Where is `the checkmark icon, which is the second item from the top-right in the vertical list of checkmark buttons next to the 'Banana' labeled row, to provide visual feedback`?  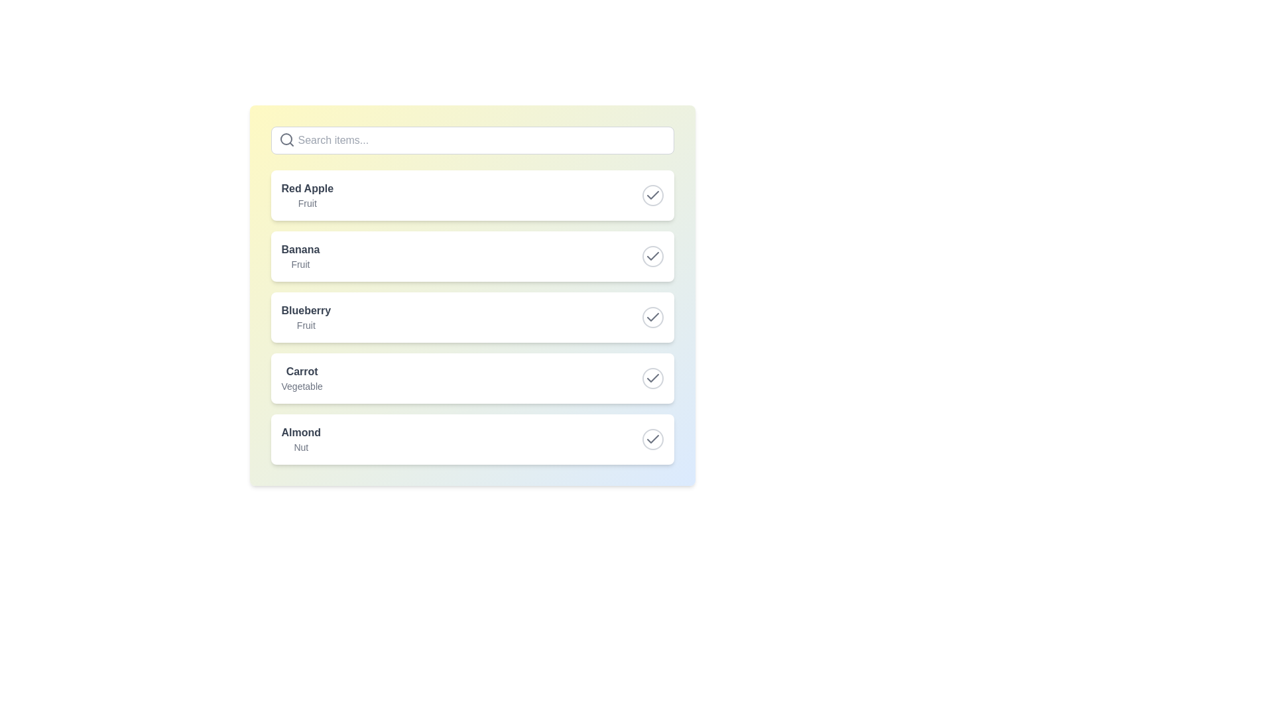 the checkmark icon, which is the second item from the top-right in the vertical list of checkmark buttons next to the 'Banana' labeled row, to provide visual feedback is located at coordinates (652, 256).